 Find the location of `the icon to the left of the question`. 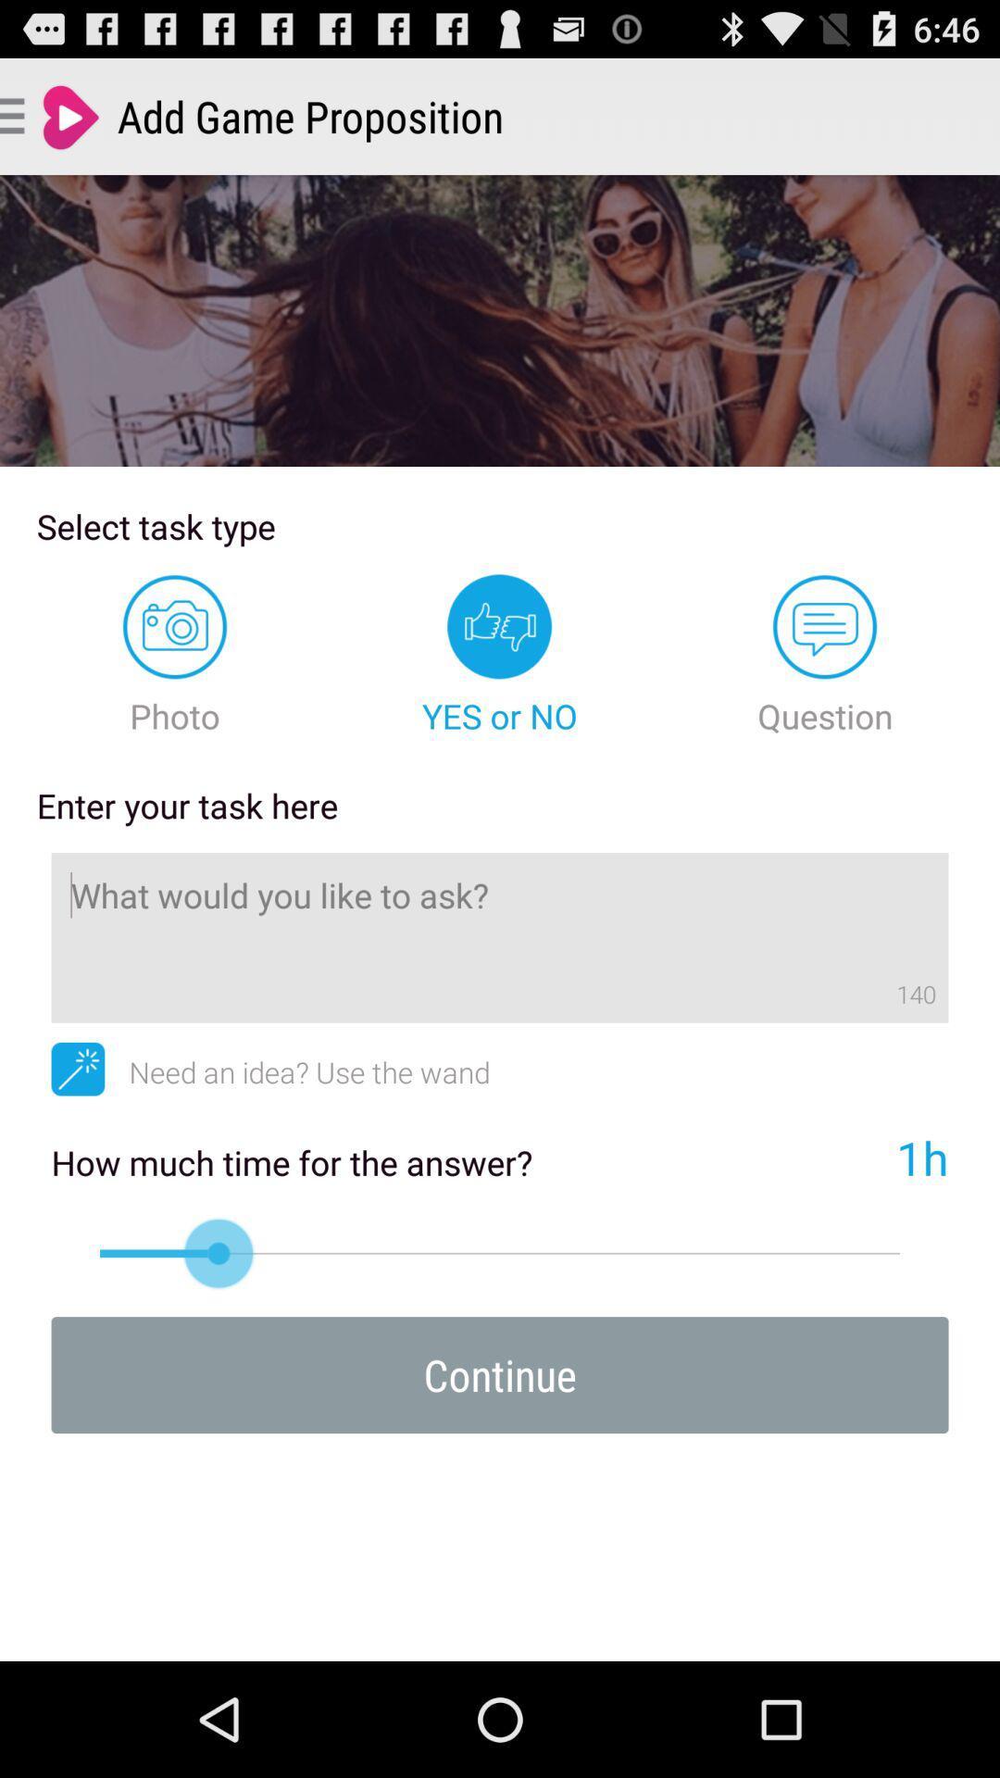

the icon to the left of the question is located at coordinates (500, 656).